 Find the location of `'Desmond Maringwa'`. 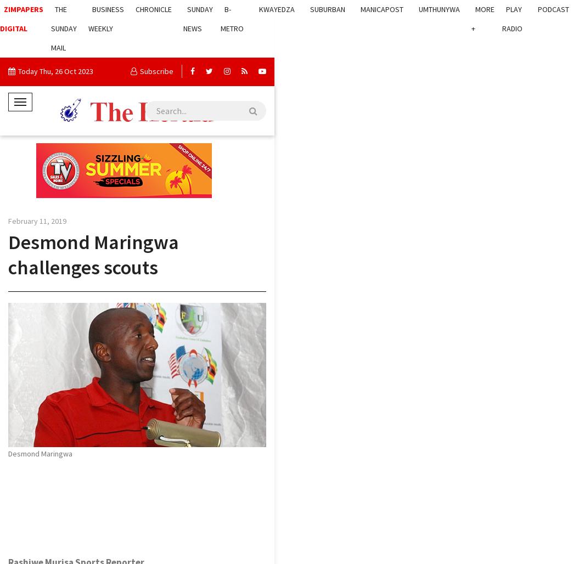

'Desmond Maringwa' is located at coordinates (8, 453).